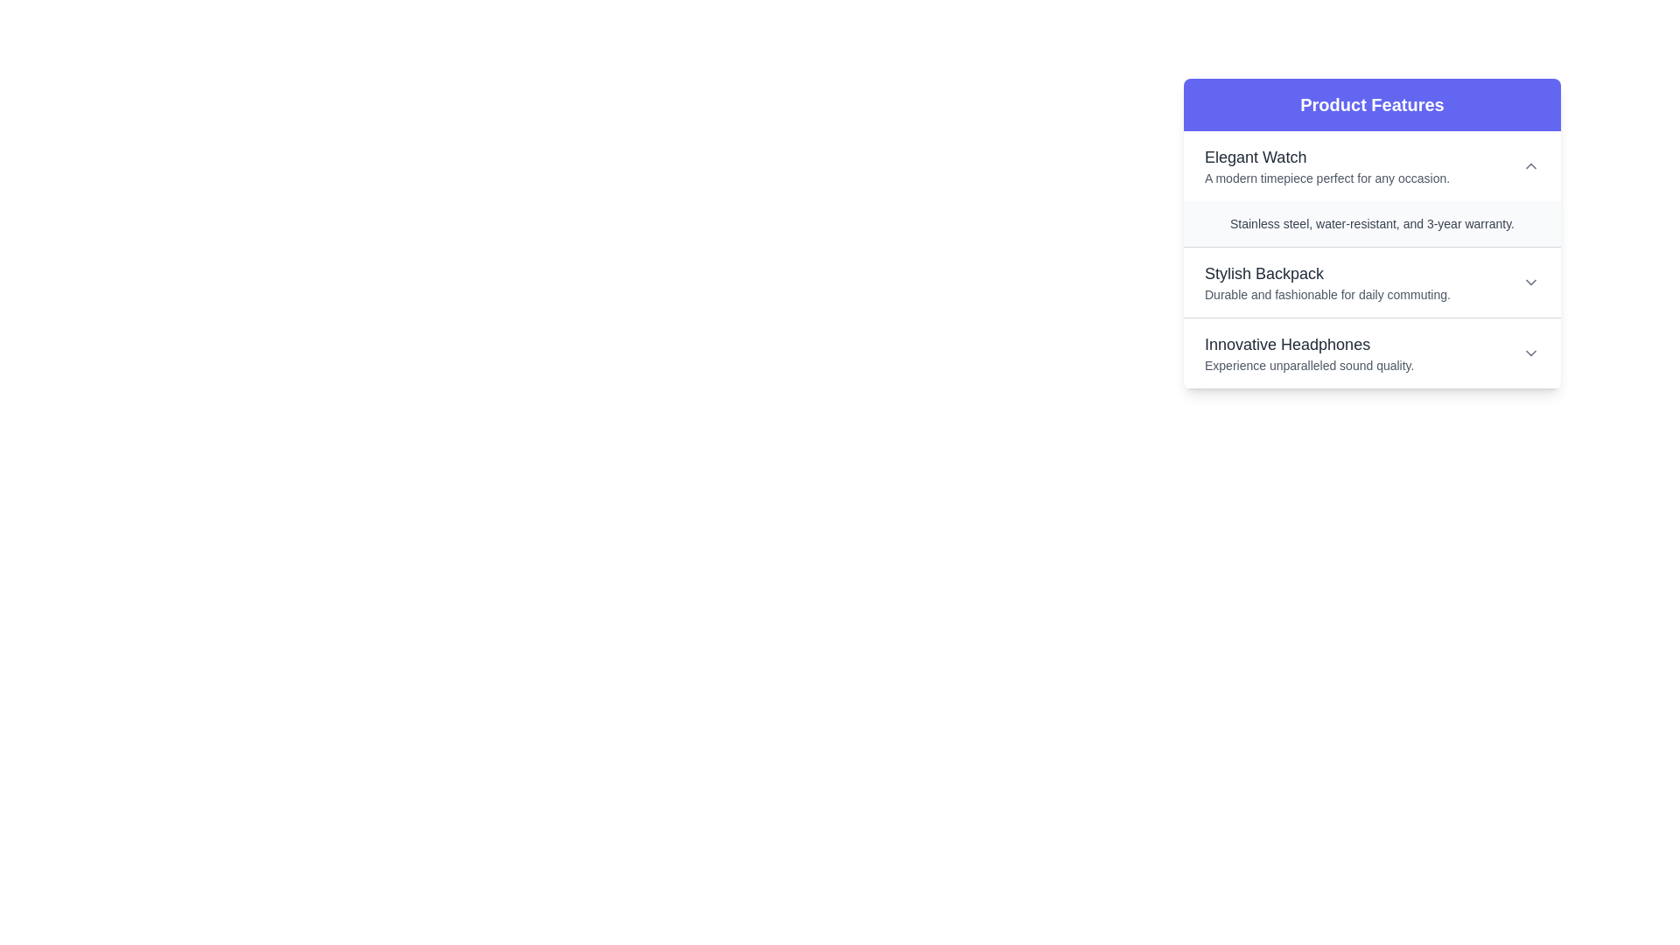 The width and height of the screenshot is (1680, 945). What do you see at coordinates (1309, 364) in the screenshot?
I see `the static text that reads 'Experience unparalleled sound quality.' located under the section titled 'Innovative Headphones.'` at bounding box center [1309, 364].